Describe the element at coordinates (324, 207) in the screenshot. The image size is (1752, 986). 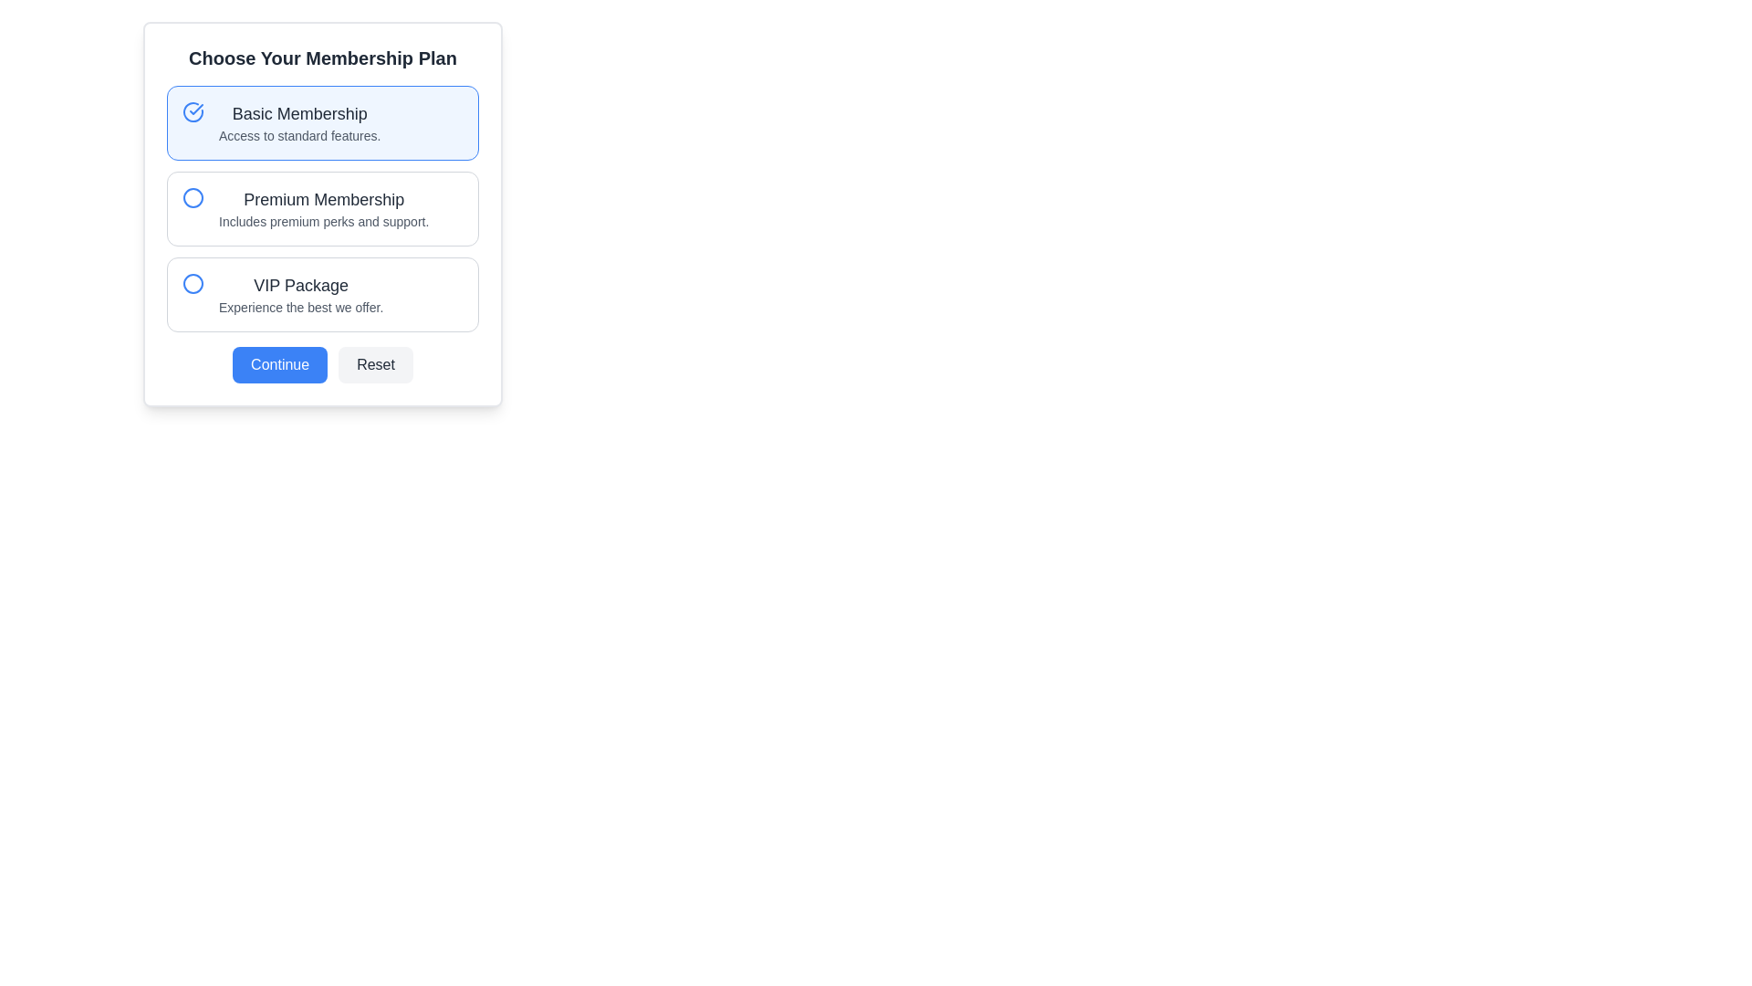
I see `the 'Premium Membership' radio button option` at that location.